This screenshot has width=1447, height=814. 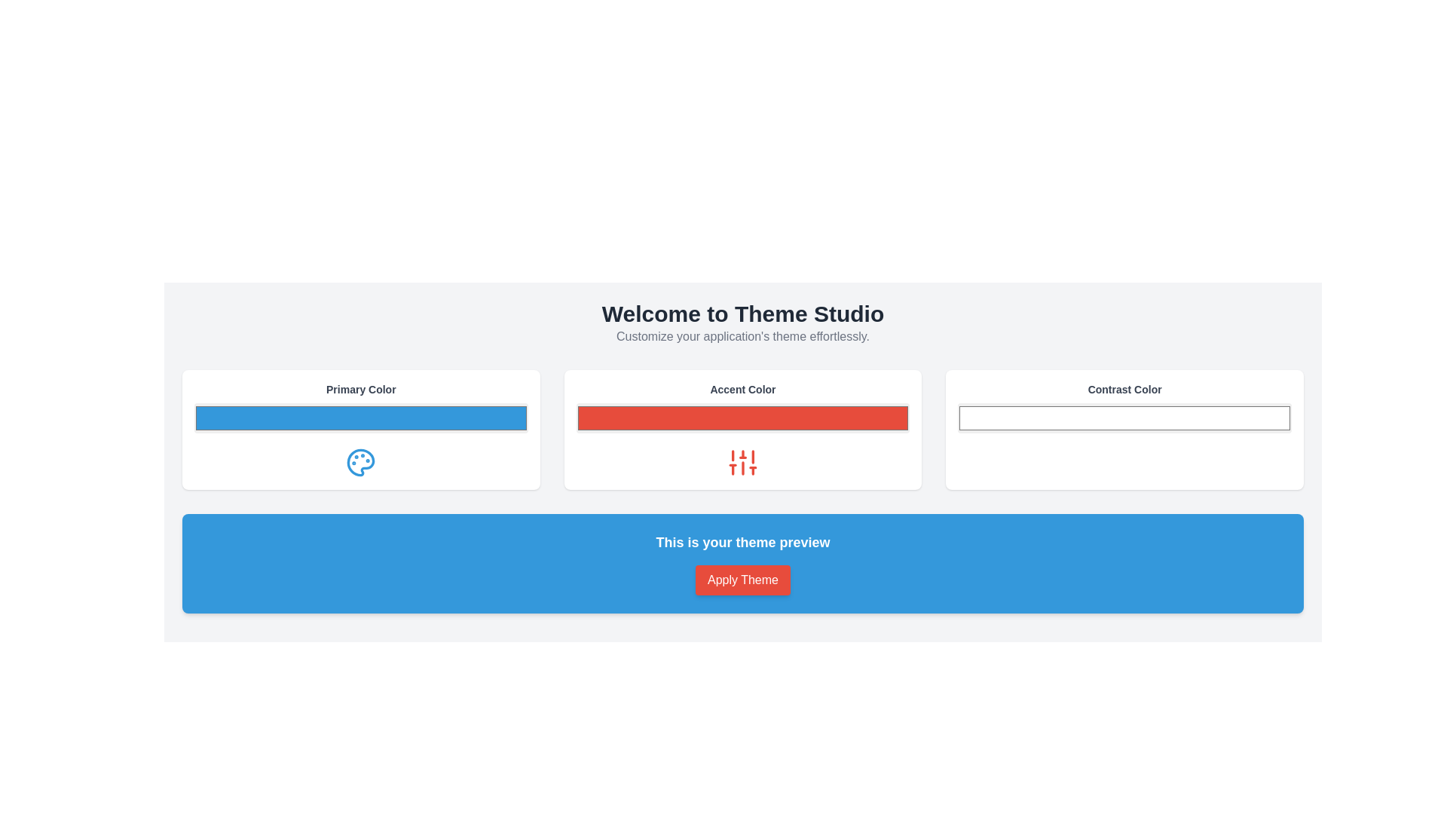 I want to click on the static label text element displaying 'Contrast Color', styled in bold gray font, located at the top of the 'Contrast Color' section, so click(x=1124, y=388).